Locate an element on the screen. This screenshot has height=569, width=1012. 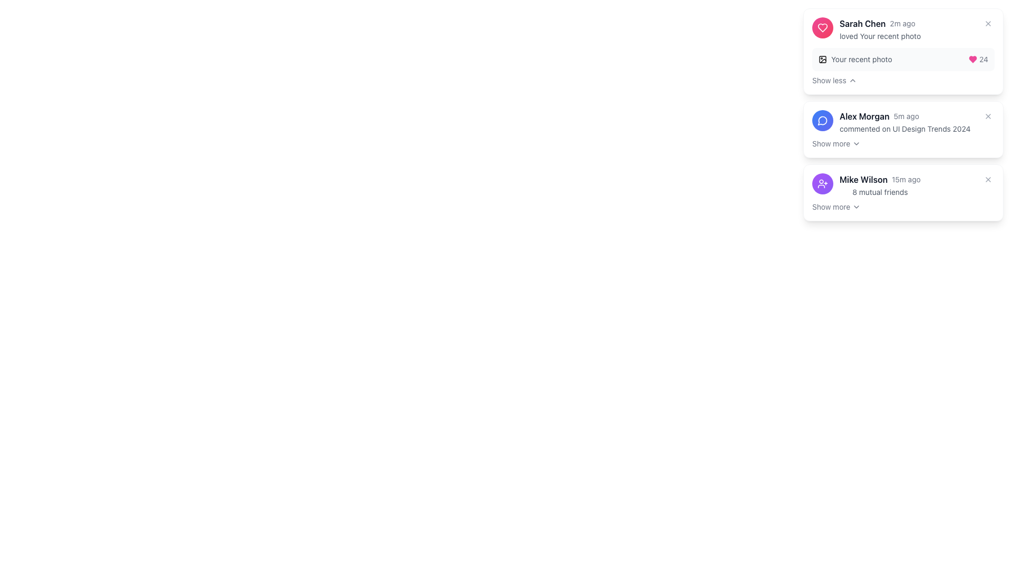
the icon that resembles a stylized image or photograph, featuring a rectangle with rounded edges, a circular shape inside, and a diagonal slash crossing through it, located just to the left of the text 'Your recent photo' is located at coordinates (822, 59).